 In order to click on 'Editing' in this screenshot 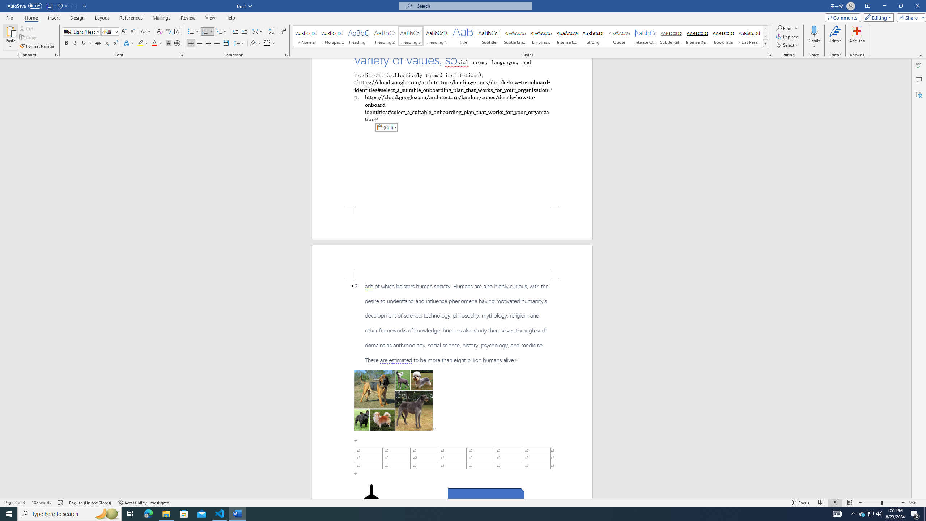, I will do `click(877, 17)`.